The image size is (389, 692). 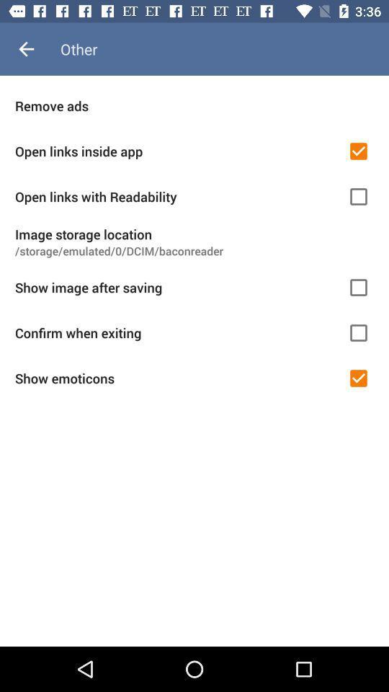 I want to click on the icon above the remove ads item, so click(x=26, y=49).